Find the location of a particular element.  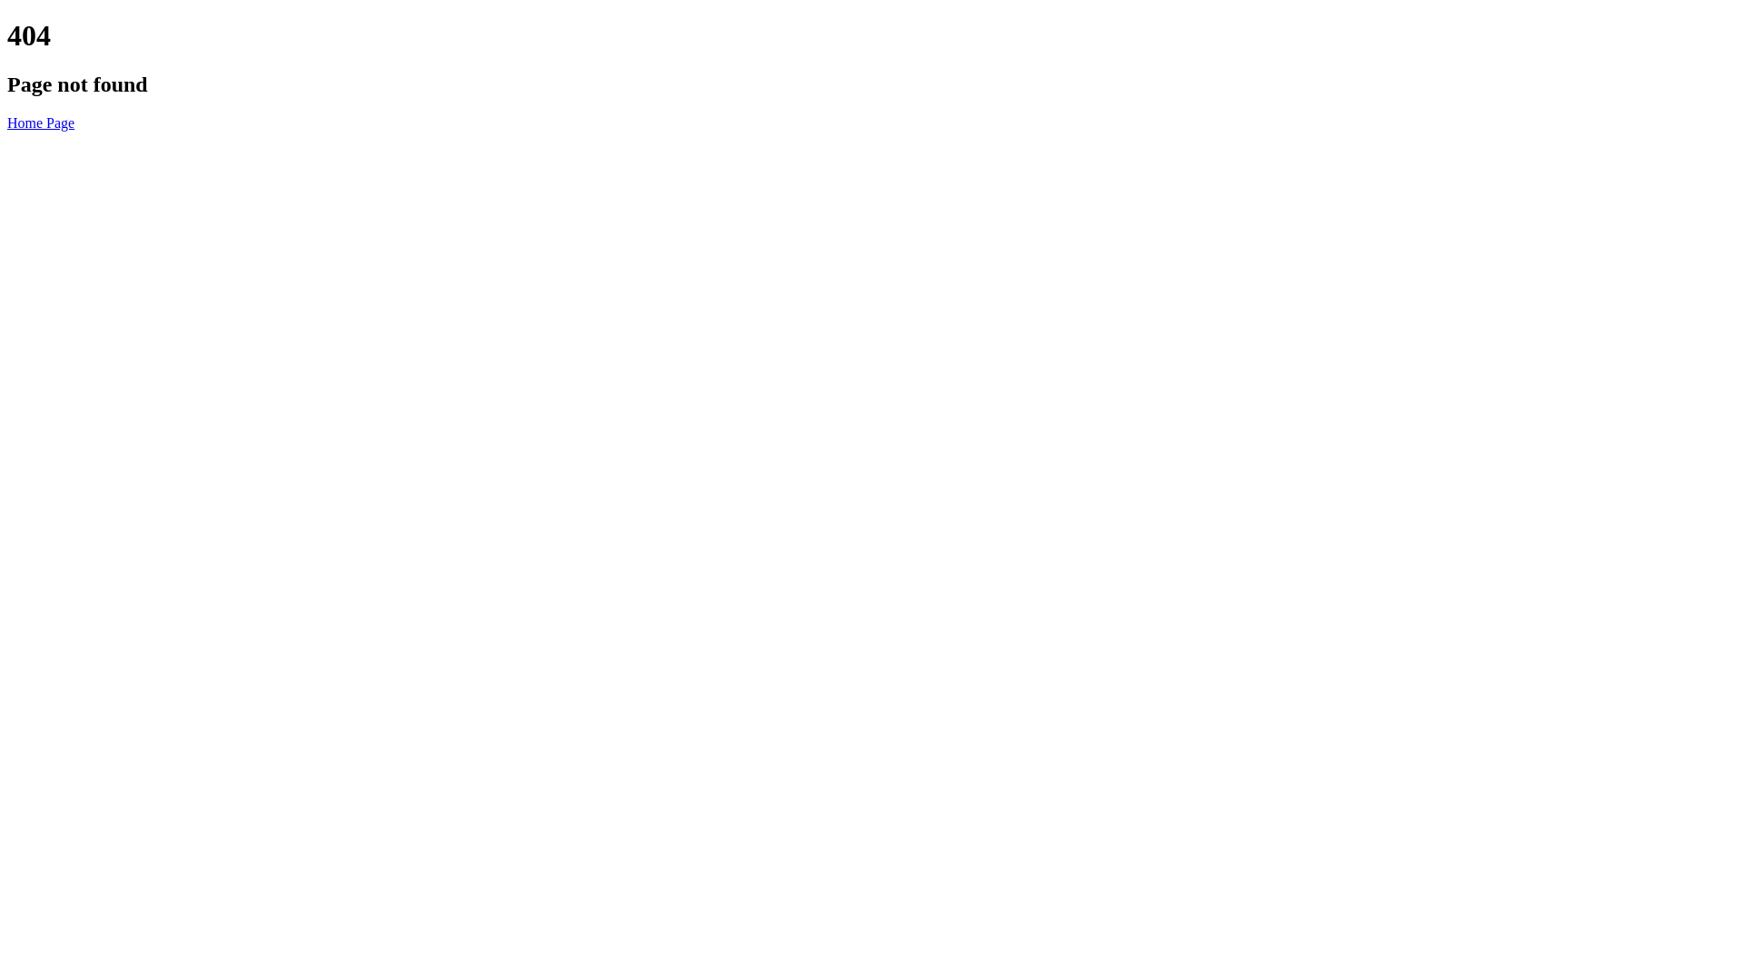

'Home Page' is located at coordinates (7, 122).